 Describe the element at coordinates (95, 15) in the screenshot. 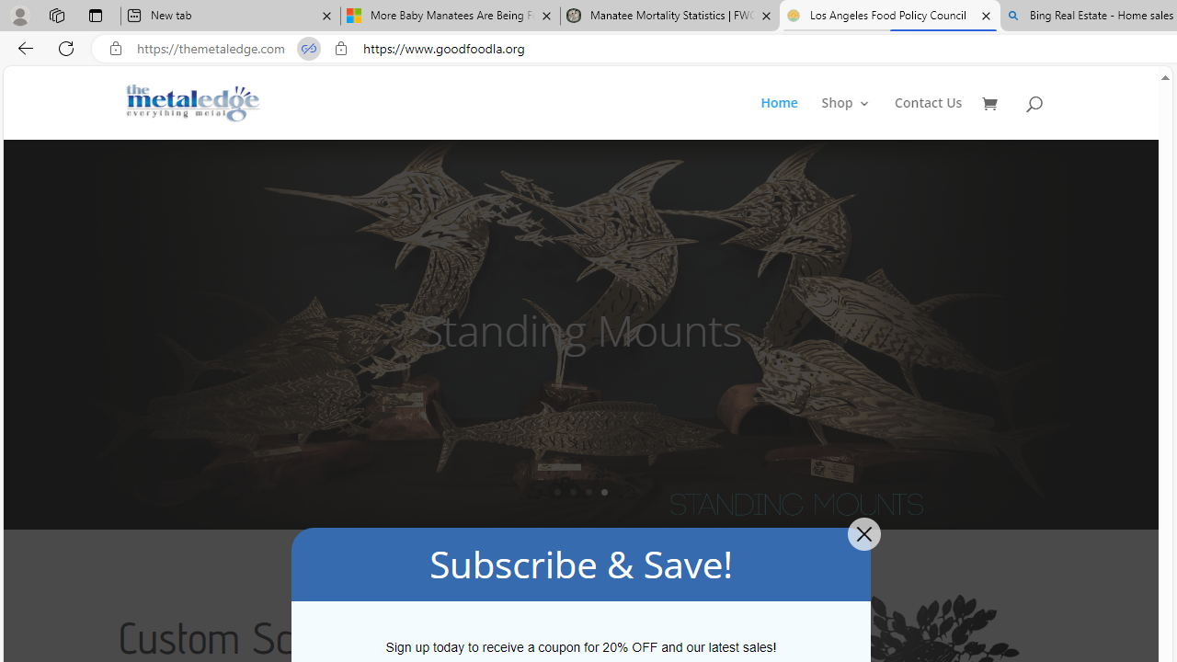

I see `'Tab actions menu'` at that location.